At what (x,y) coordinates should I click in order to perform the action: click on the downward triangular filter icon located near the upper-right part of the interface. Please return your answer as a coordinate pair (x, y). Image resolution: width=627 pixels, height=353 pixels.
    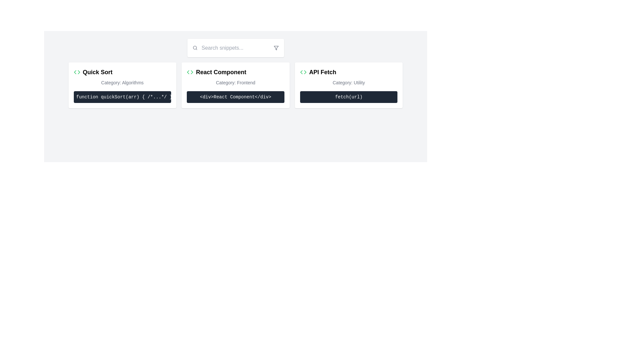
    Looking at the image, I should click on (276, 47).